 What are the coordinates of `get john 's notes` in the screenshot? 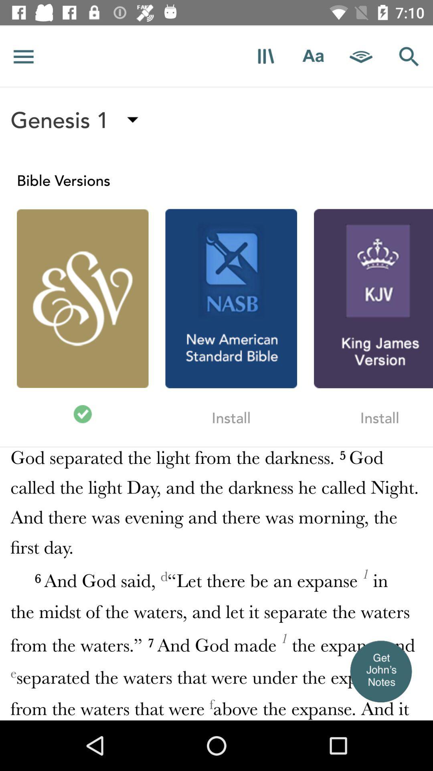 It's located at (380, 671).